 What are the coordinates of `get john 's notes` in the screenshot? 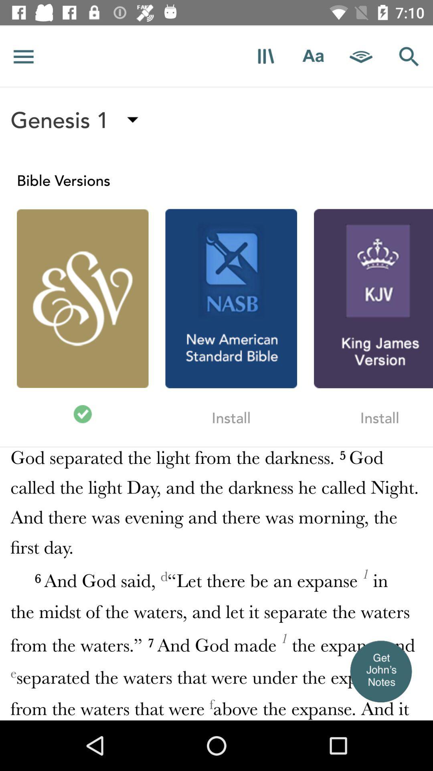 It's located at (380, 671).